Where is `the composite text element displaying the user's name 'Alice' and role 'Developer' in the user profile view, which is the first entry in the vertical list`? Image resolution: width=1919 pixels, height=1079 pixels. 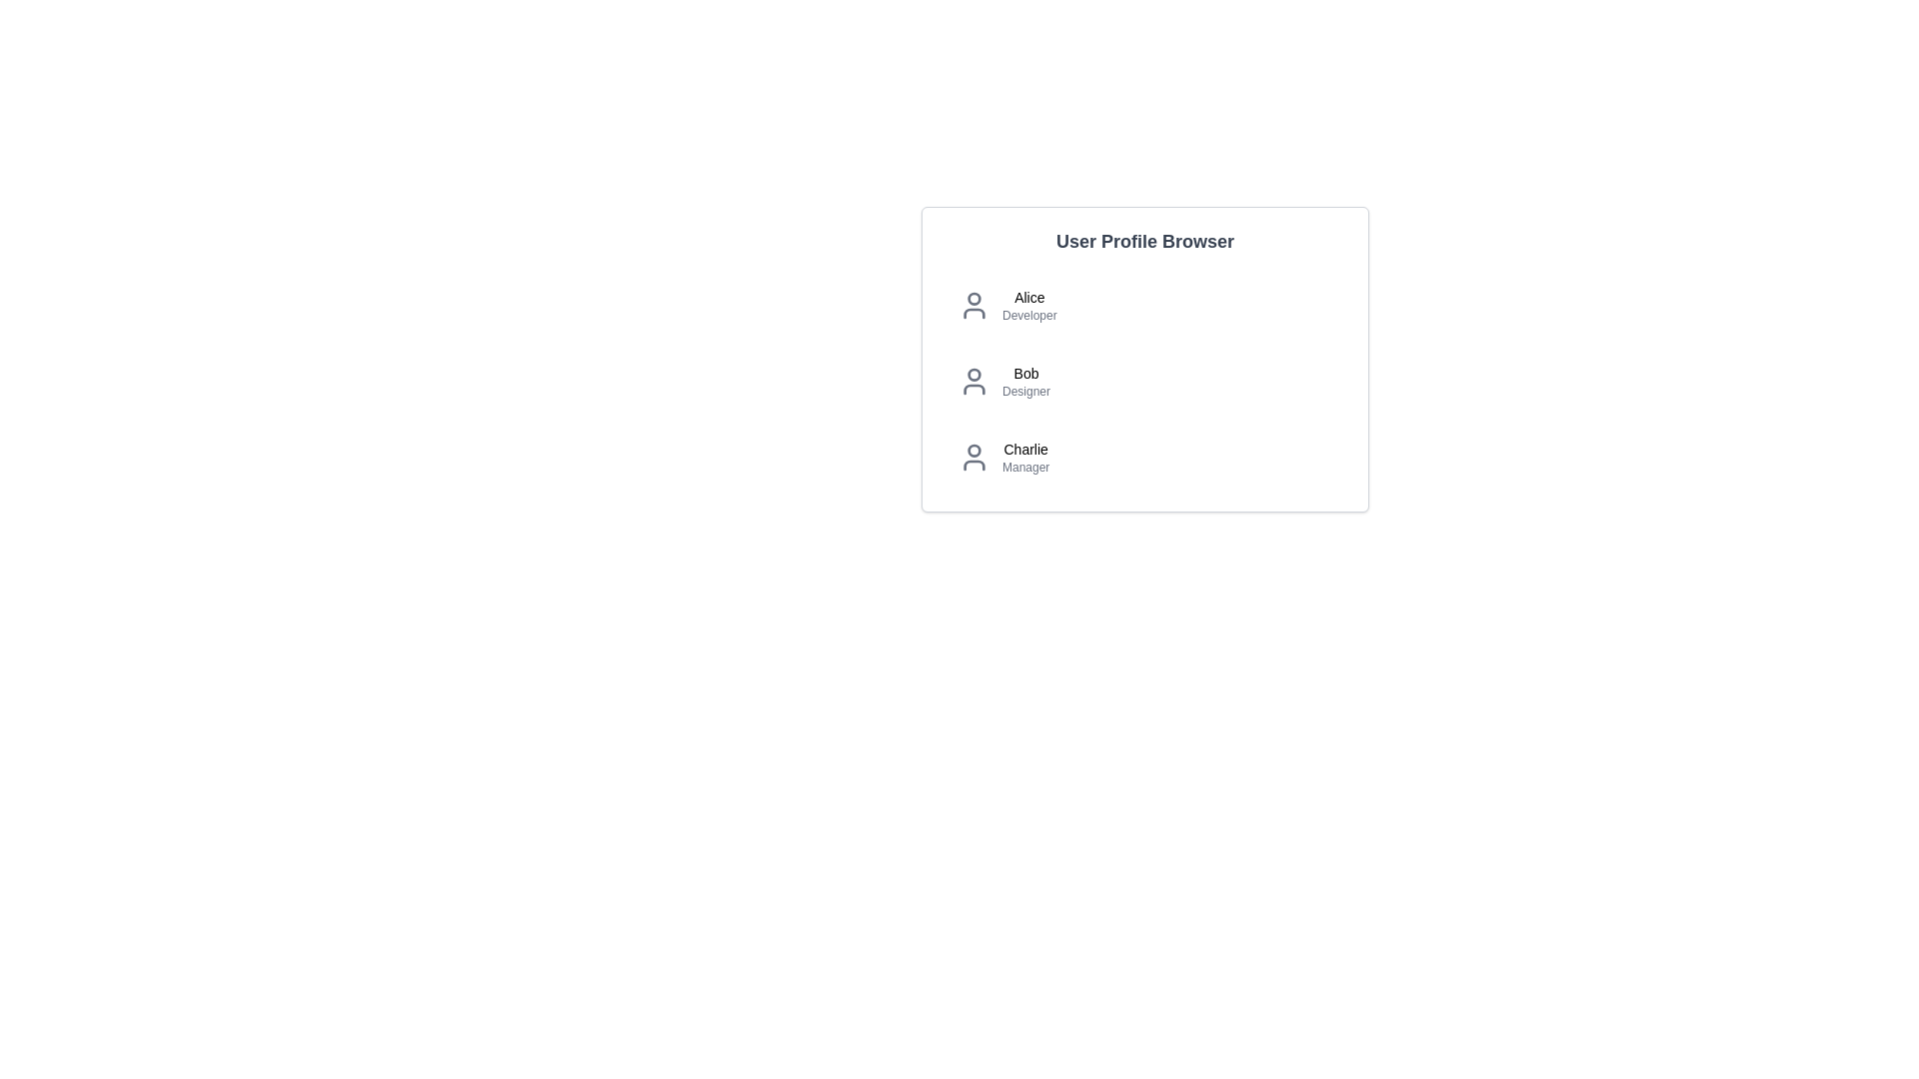 the composite text element displaying the user's name 'Alice' and role 'Developer' in the user profile view, which is the first entry in the vertical list is located at coordinates (1029, 305).